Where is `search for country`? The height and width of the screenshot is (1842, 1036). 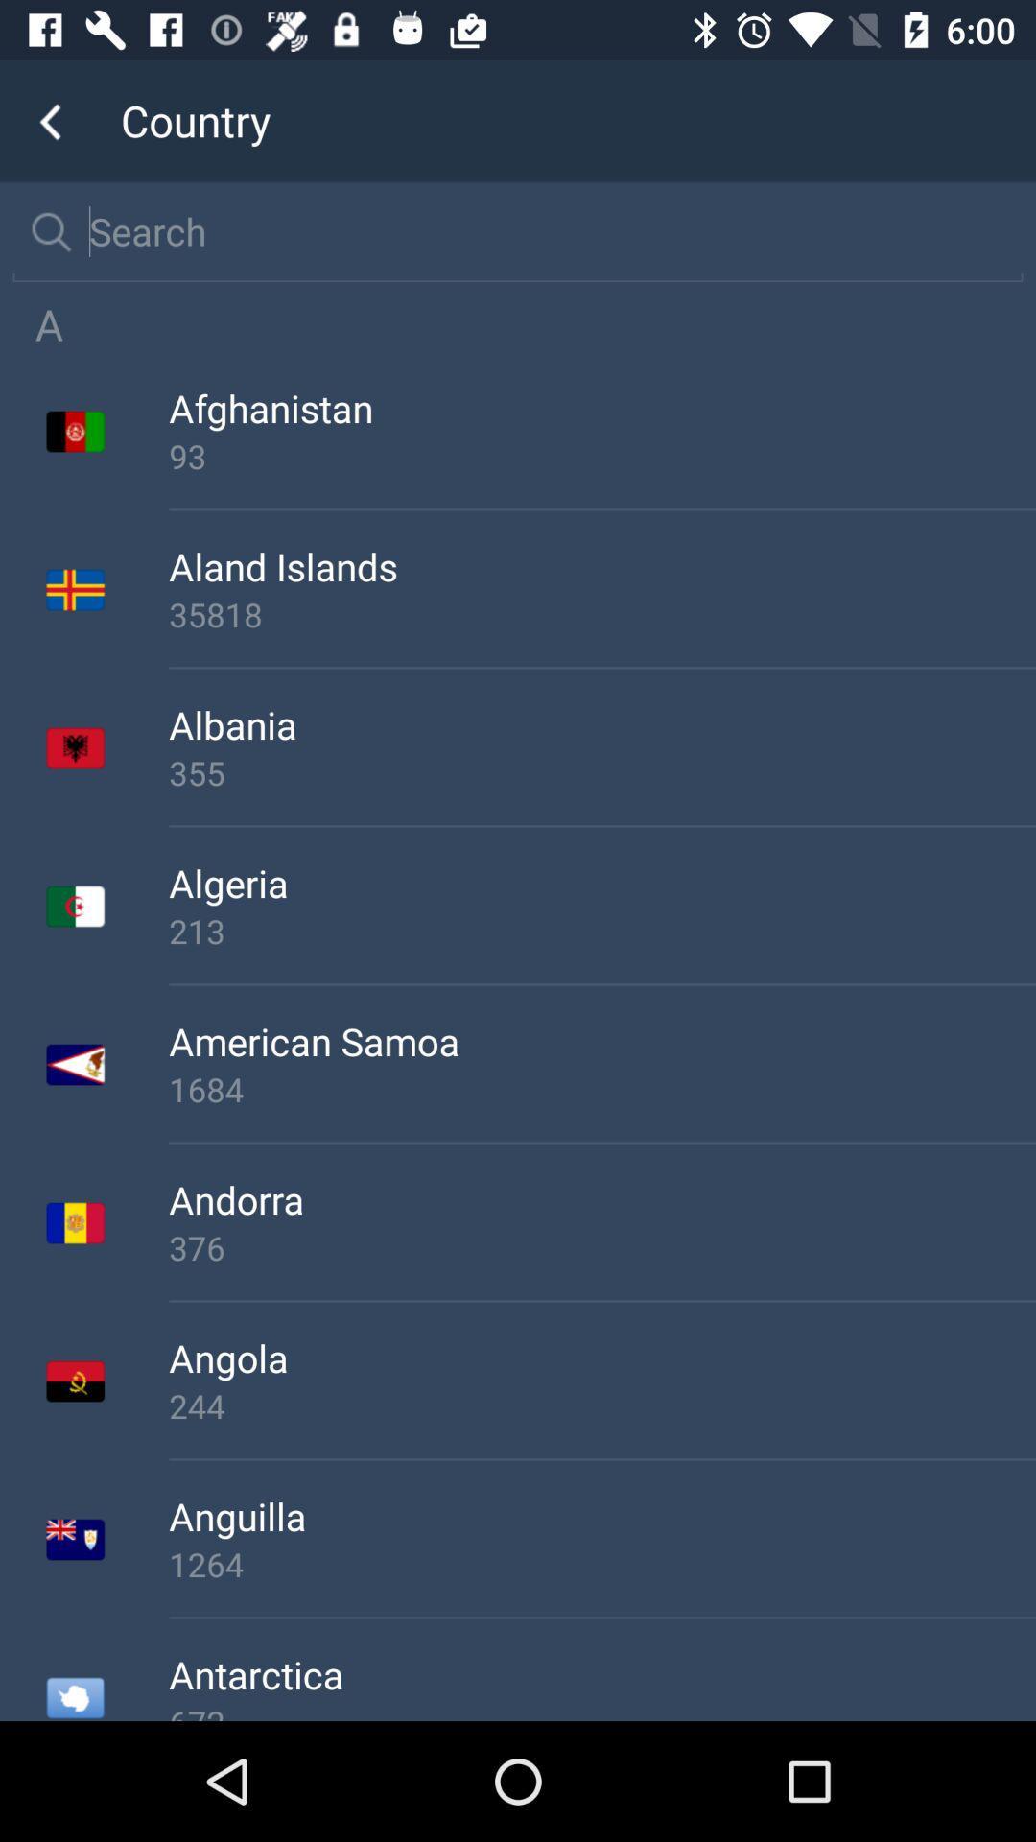
search for country is located at coordinates (543, 230).